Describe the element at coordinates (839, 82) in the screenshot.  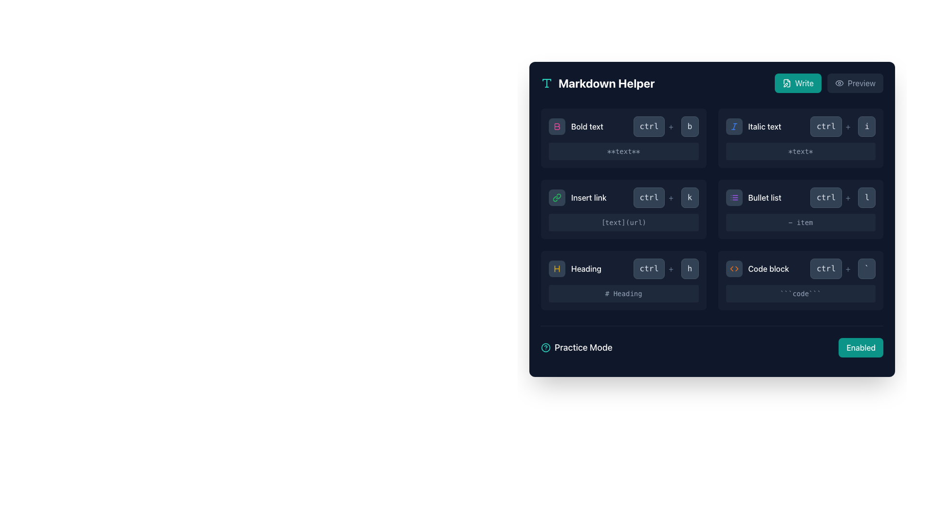
I see `the eye-shaped icon located to the left of the 'Preview' button text` at that location.